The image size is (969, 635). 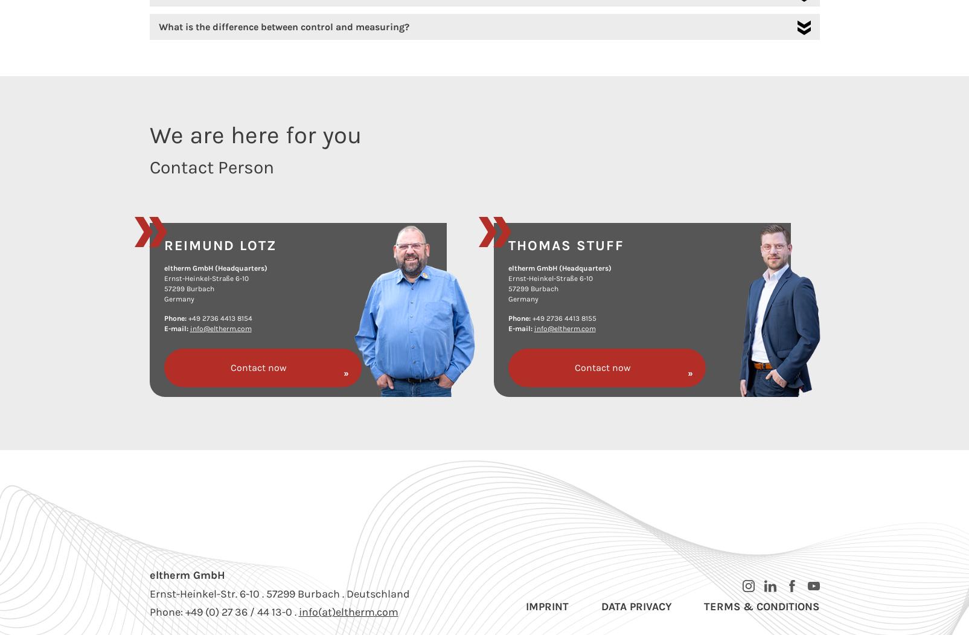 I want to click on 'We are here for you', so click(x=254, y=134).